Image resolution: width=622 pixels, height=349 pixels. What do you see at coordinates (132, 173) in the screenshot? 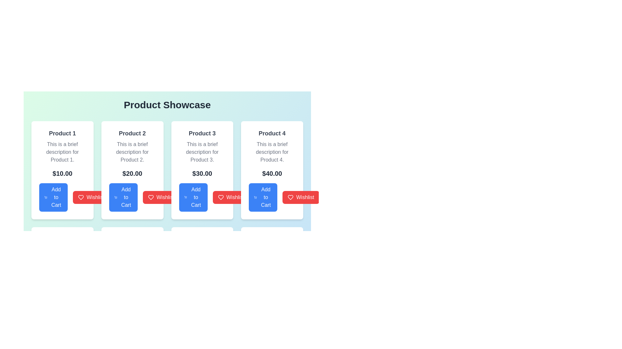
I see `the price label in the second product card, which displays the product price and is located under the description text` at bounding box center [132, 173].